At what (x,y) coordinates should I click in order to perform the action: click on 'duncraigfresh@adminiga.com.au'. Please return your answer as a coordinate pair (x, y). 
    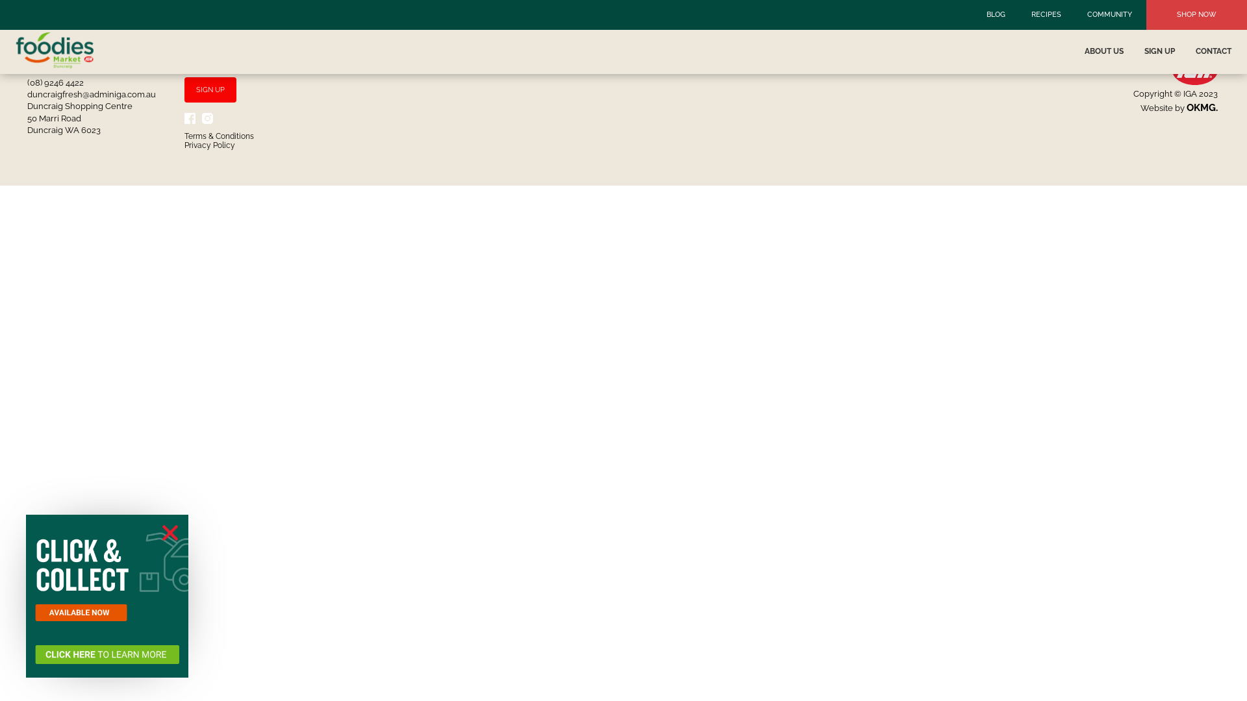
    Looking at the image, I should click on (27, 93).